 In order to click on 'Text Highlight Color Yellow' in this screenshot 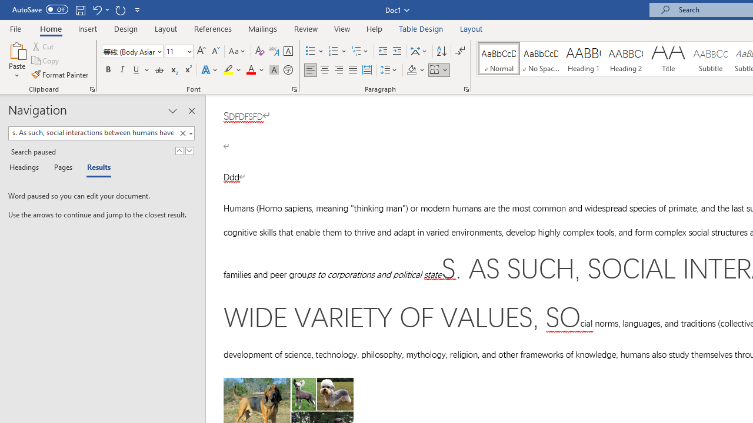, I will do `click(228, 70)`.